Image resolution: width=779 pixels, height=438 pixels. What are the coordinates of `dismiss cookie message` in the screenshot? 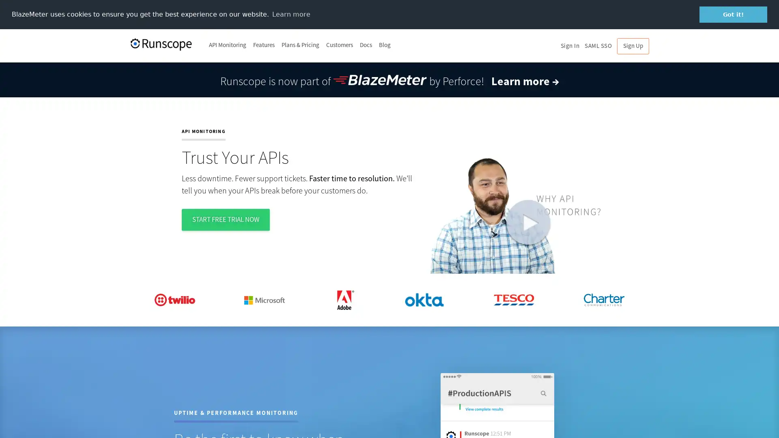 It's located at (733, 14).